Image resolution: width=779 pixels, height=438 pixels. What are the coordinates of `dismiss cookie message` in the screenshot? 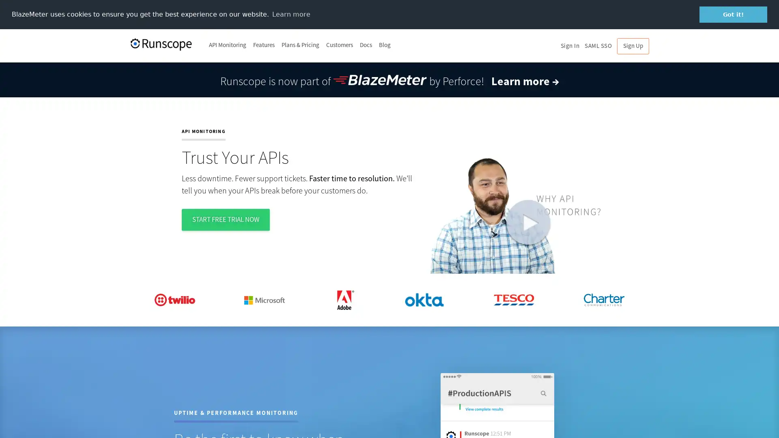 It's located at (733, 14).